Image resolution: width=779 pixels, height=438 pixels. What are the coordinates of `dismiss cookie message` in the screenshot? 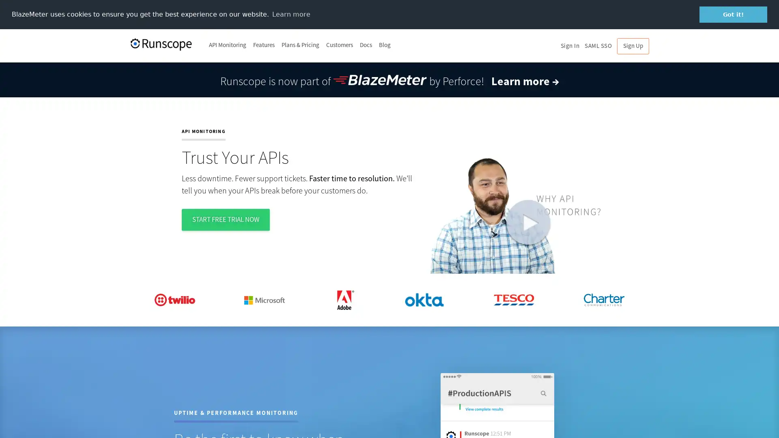 It's located at (733, 14).